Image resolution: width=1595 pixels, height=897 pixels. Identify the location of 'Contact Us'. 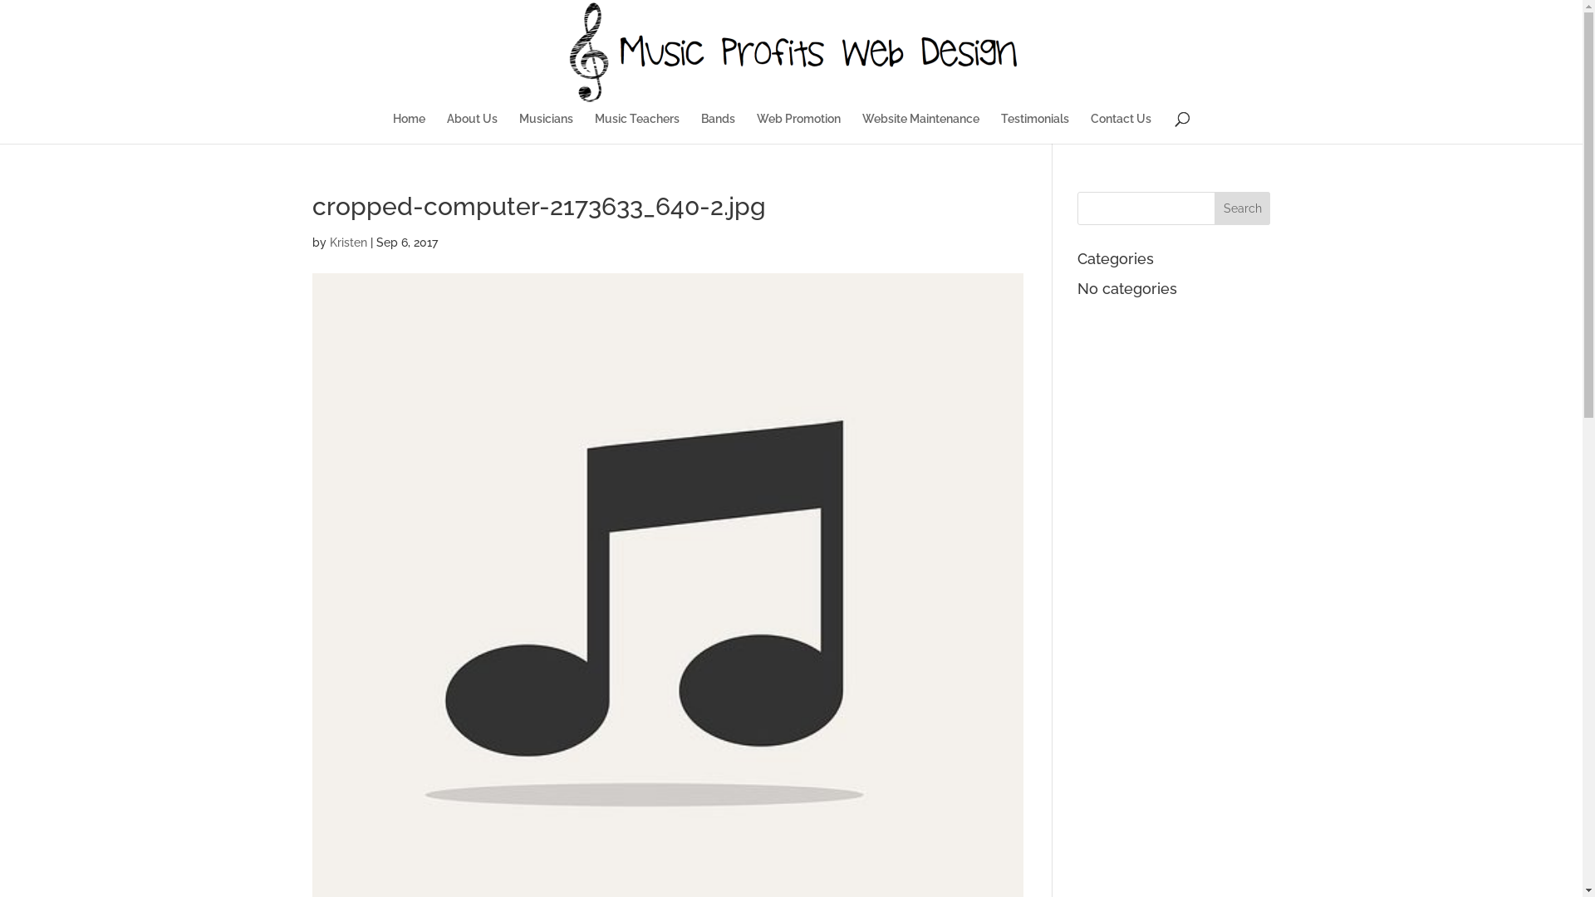
(1091, 127).